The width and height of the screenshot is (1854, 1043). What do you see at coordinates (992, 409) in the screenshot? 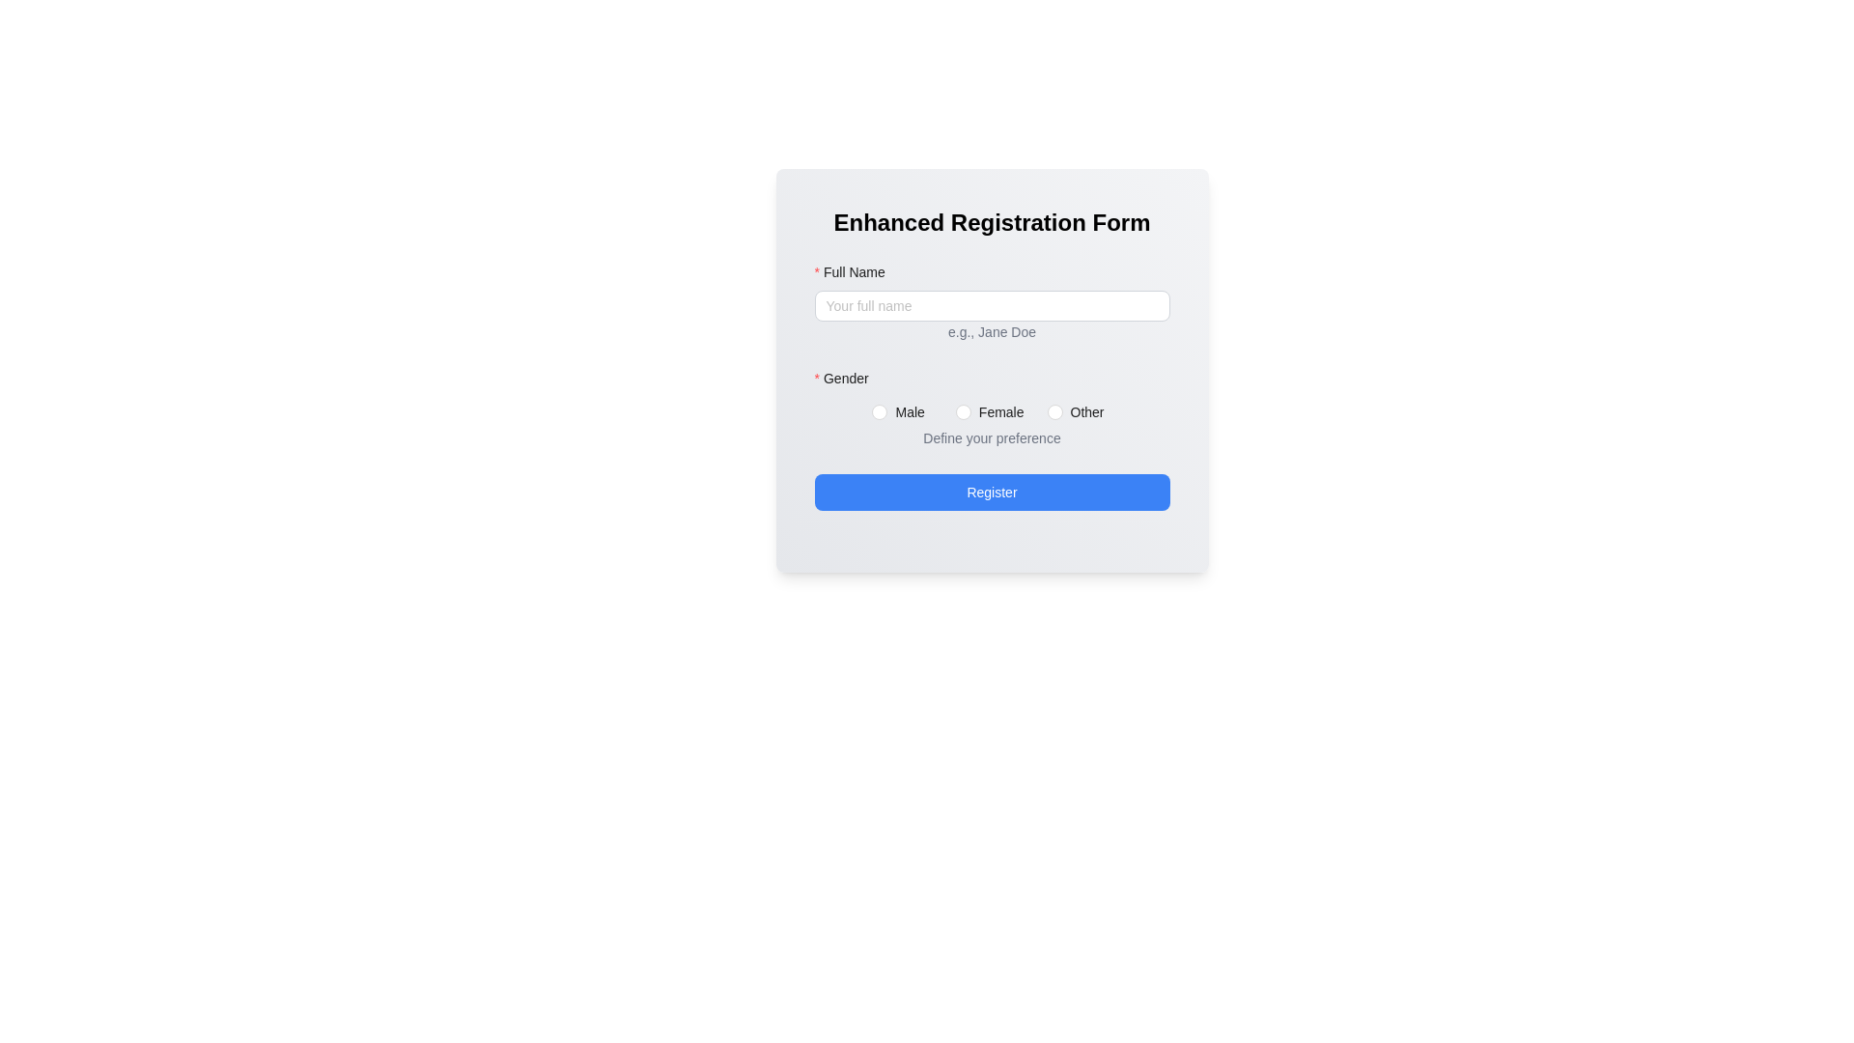
I see `the radio button in the gender preference selection group located below the 'Full Name' field to make a selection` at bounding box center [992, 409].